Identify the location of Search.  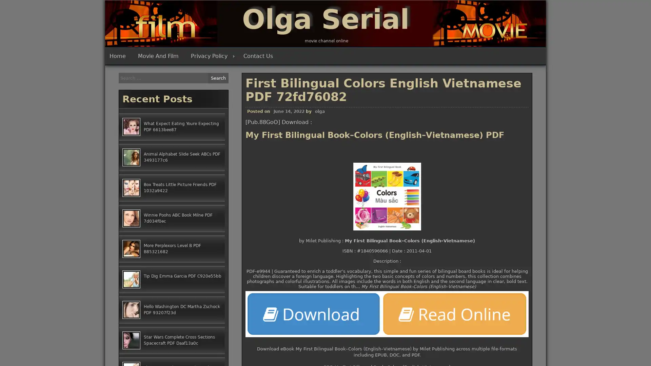
(218, 78).